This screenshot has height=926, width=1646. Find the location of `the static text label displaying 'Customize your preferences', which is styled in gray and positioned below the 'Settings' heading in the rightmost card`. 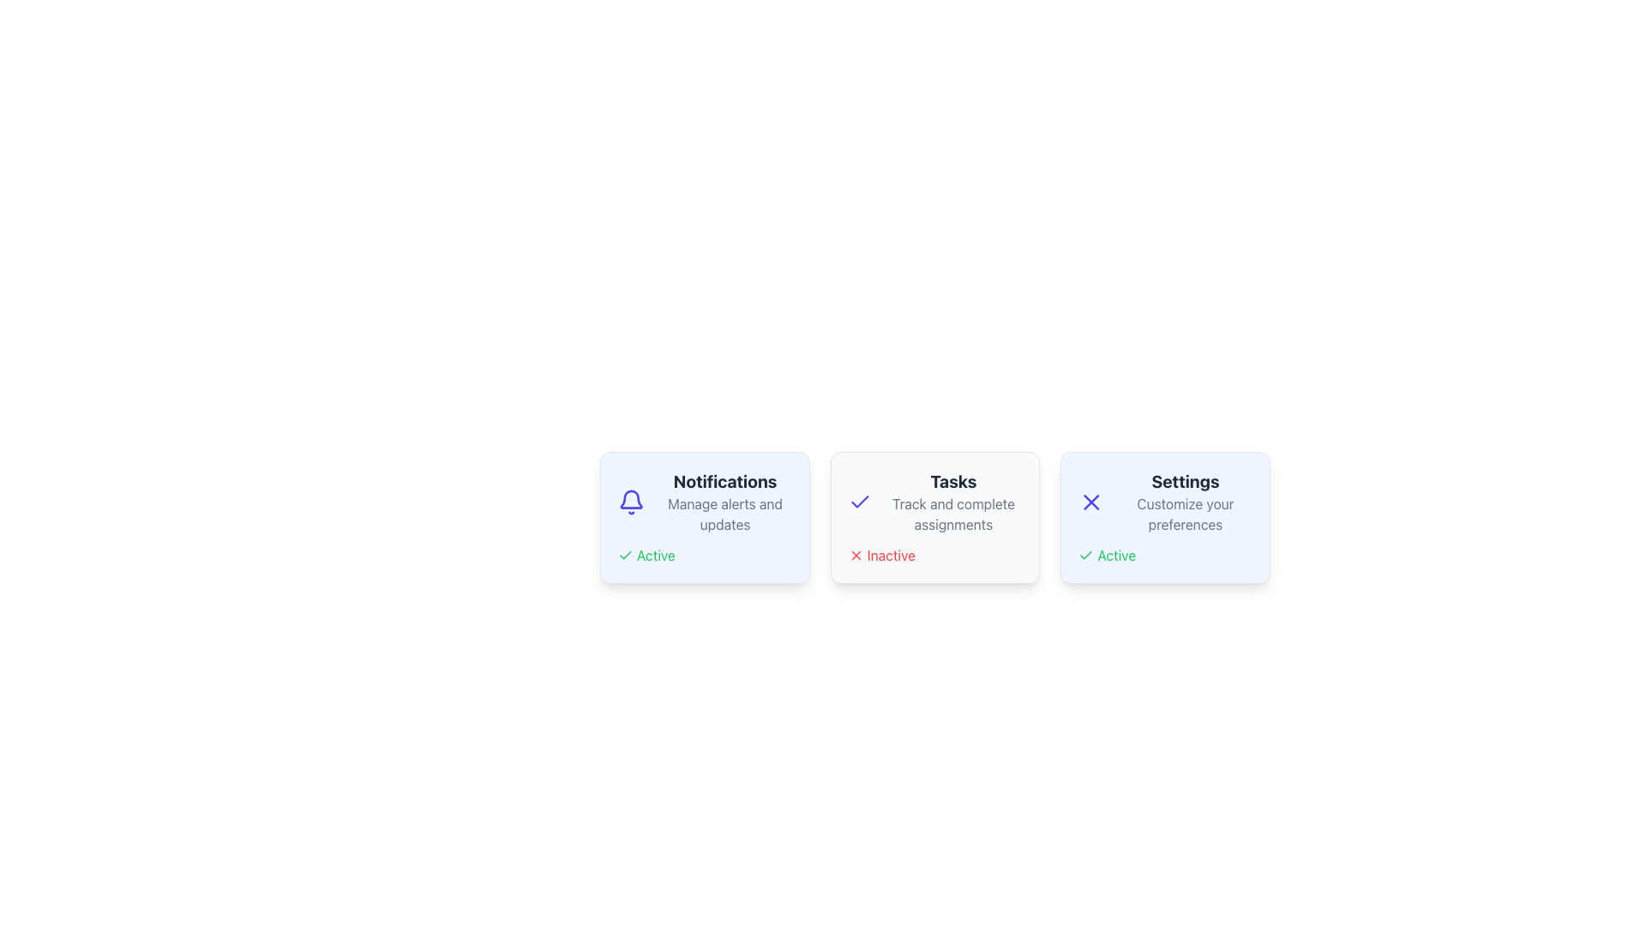

the static text label displaying 'Customize your preferences', which is styled in gray and positioned below the 'Settings' heading in the rightmost card is located at coordinates (1184, 514).